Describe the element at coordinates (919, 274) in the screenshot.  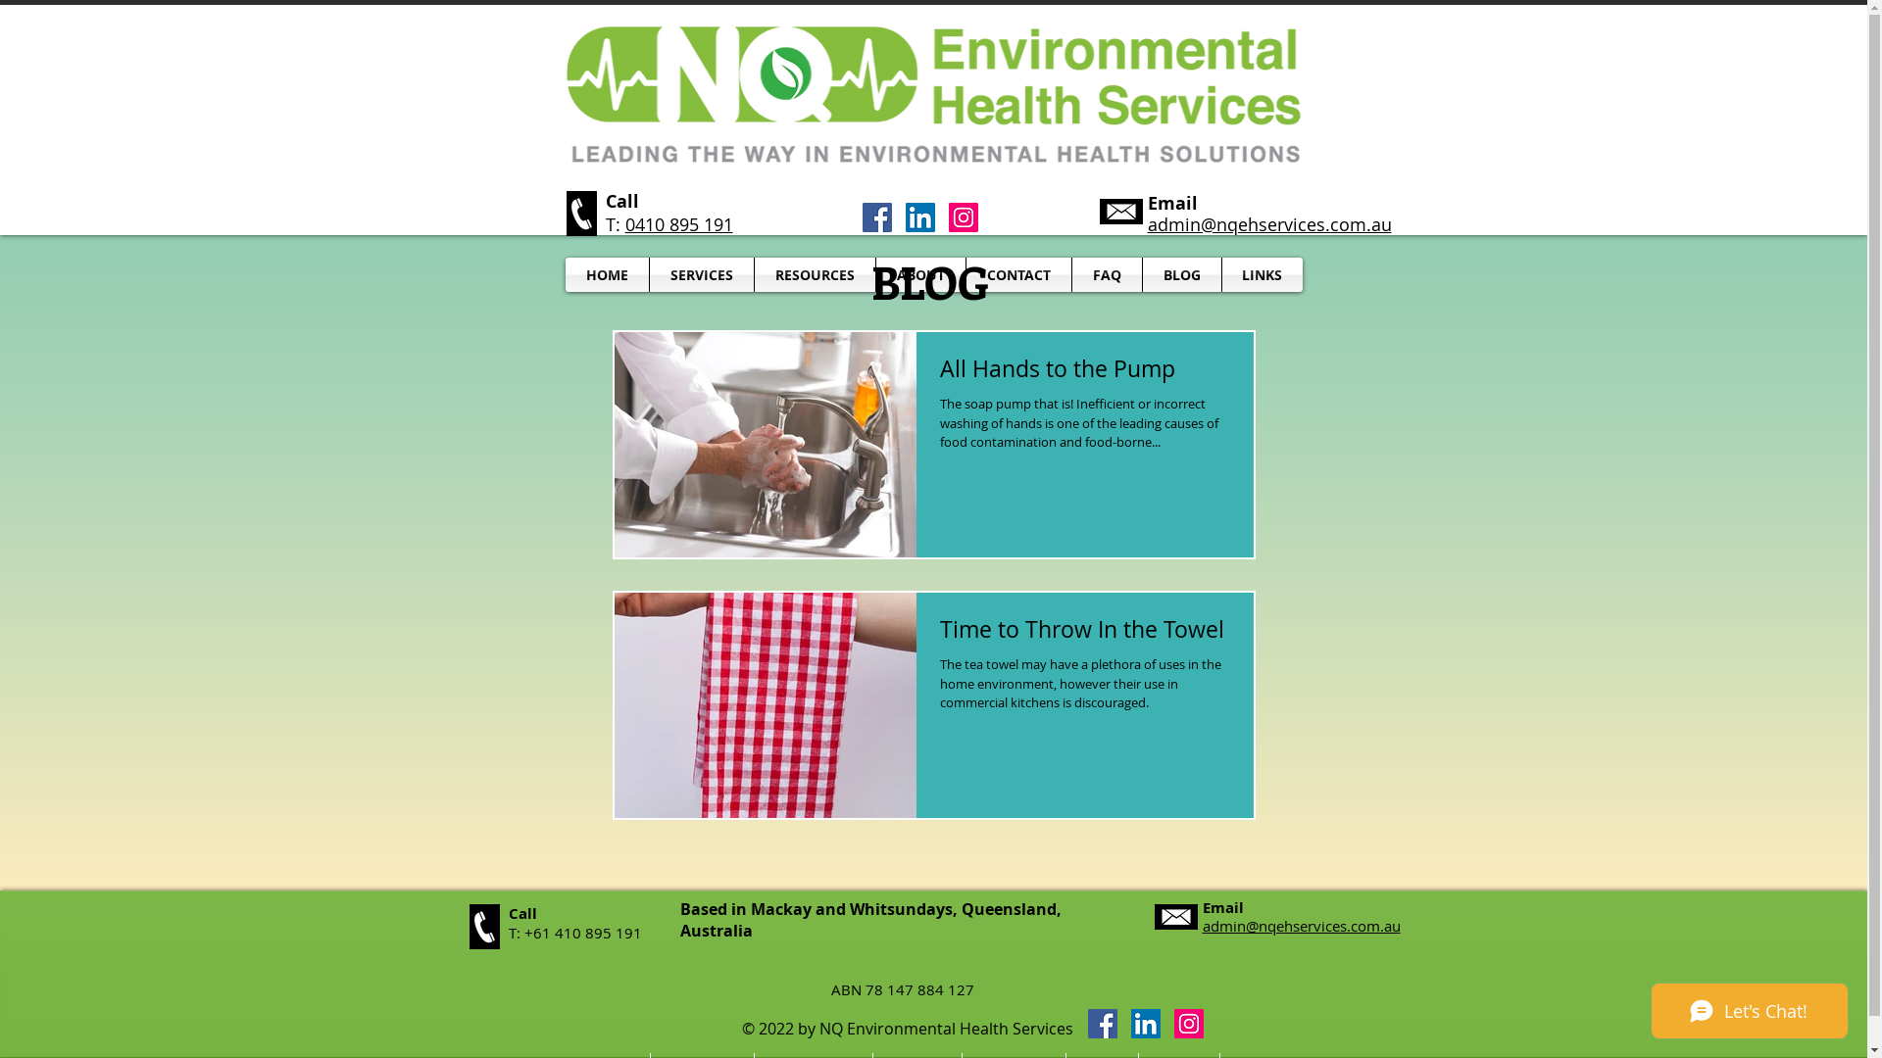
I see `'ABOUT'` at that location.